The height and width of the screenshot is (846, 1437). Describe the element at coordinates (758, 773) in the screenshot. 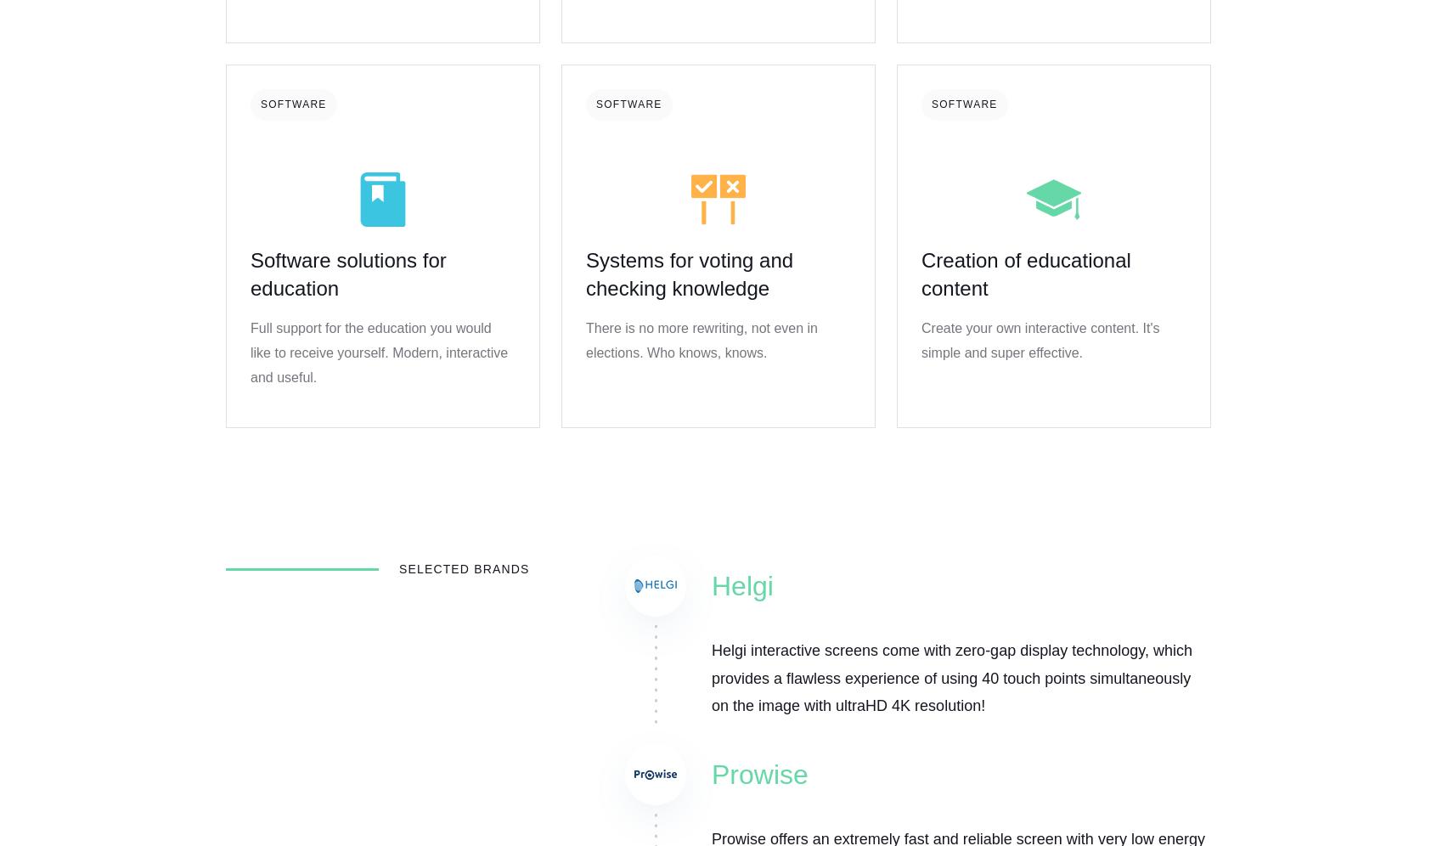

I see `'Prowise'` at that location.